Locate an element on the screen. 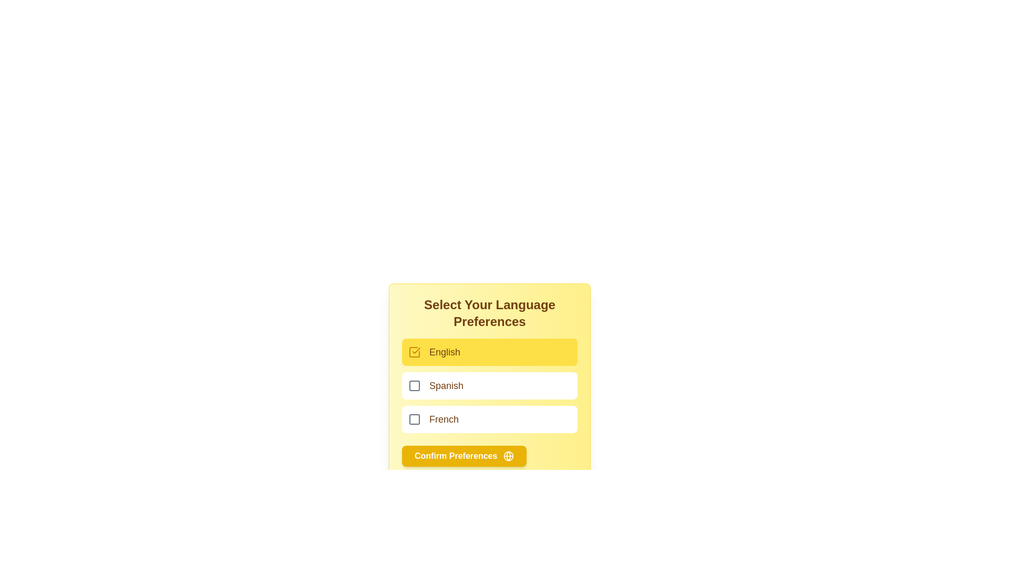  the rectangular button labeled 'Confirm Preferences' with a yellow background is located at coordinates (489, 455).